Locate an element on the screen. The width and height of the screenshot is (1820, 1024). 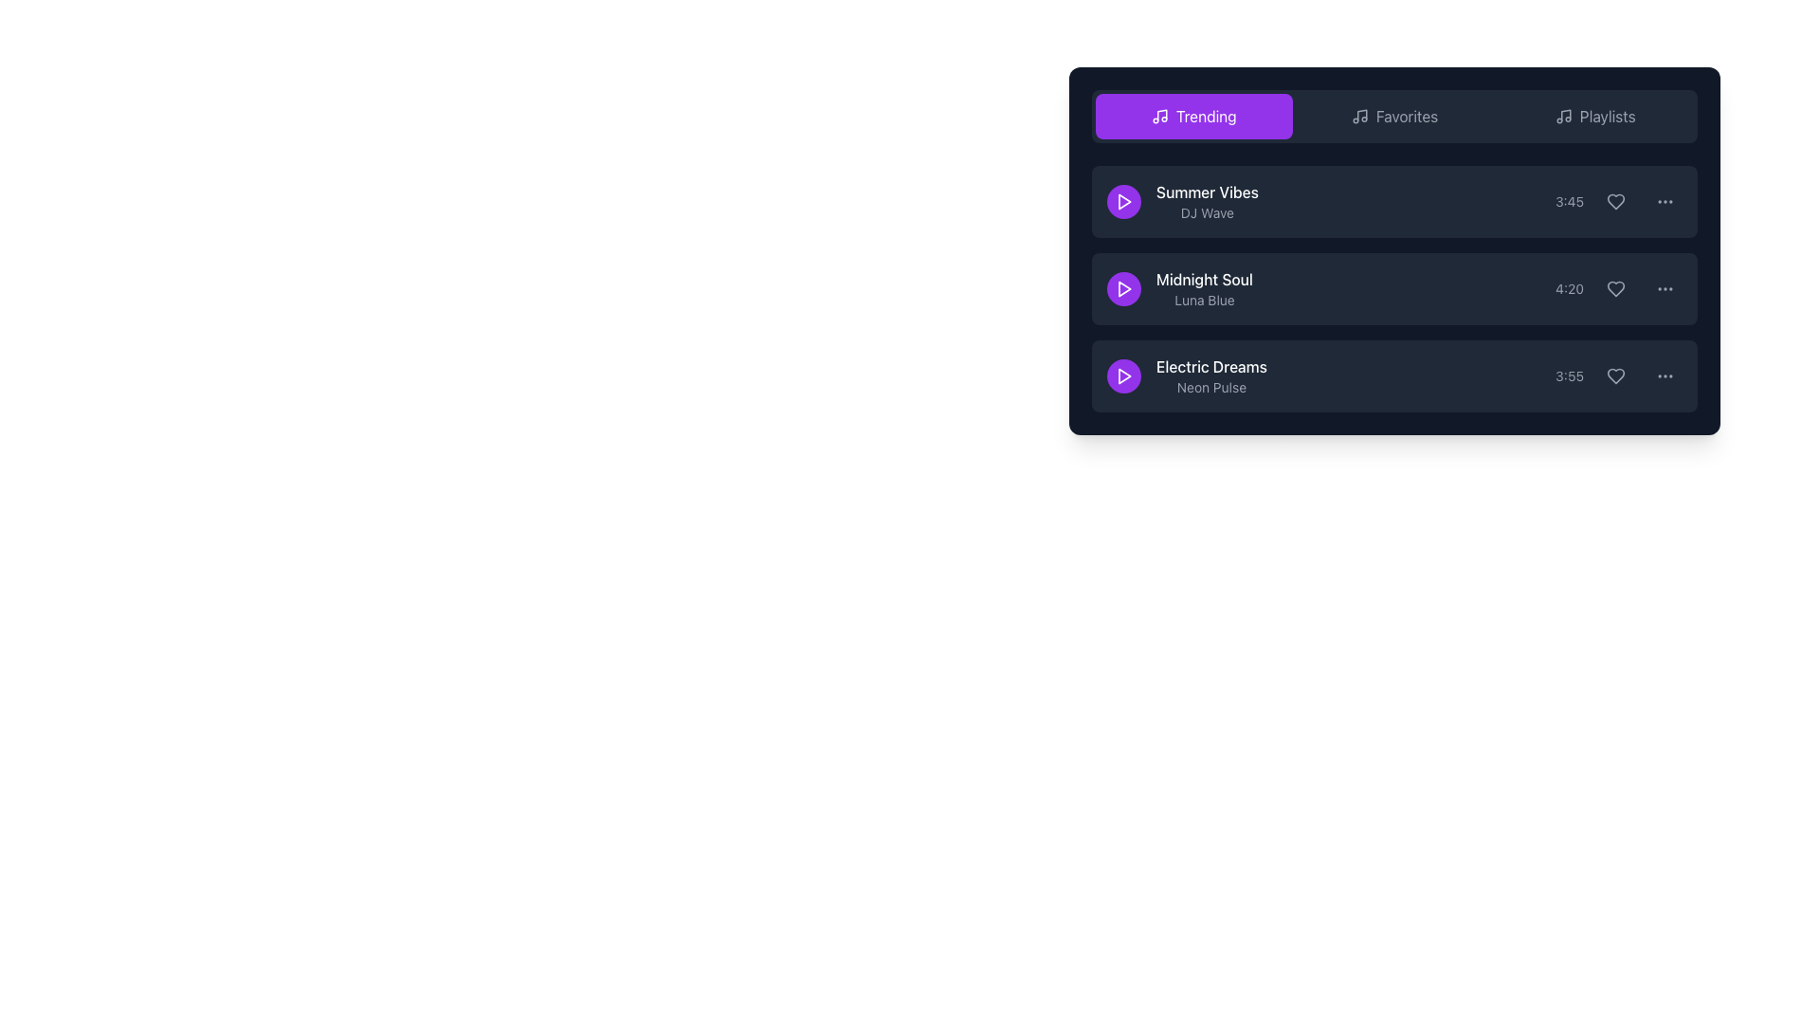
the heart-shaped icon button indicating a 'like' or 'favorite' action, which is positioned after the timestamp '3:55' in the 'Electric Dreams' track row is located at coordinates (1614, 376).